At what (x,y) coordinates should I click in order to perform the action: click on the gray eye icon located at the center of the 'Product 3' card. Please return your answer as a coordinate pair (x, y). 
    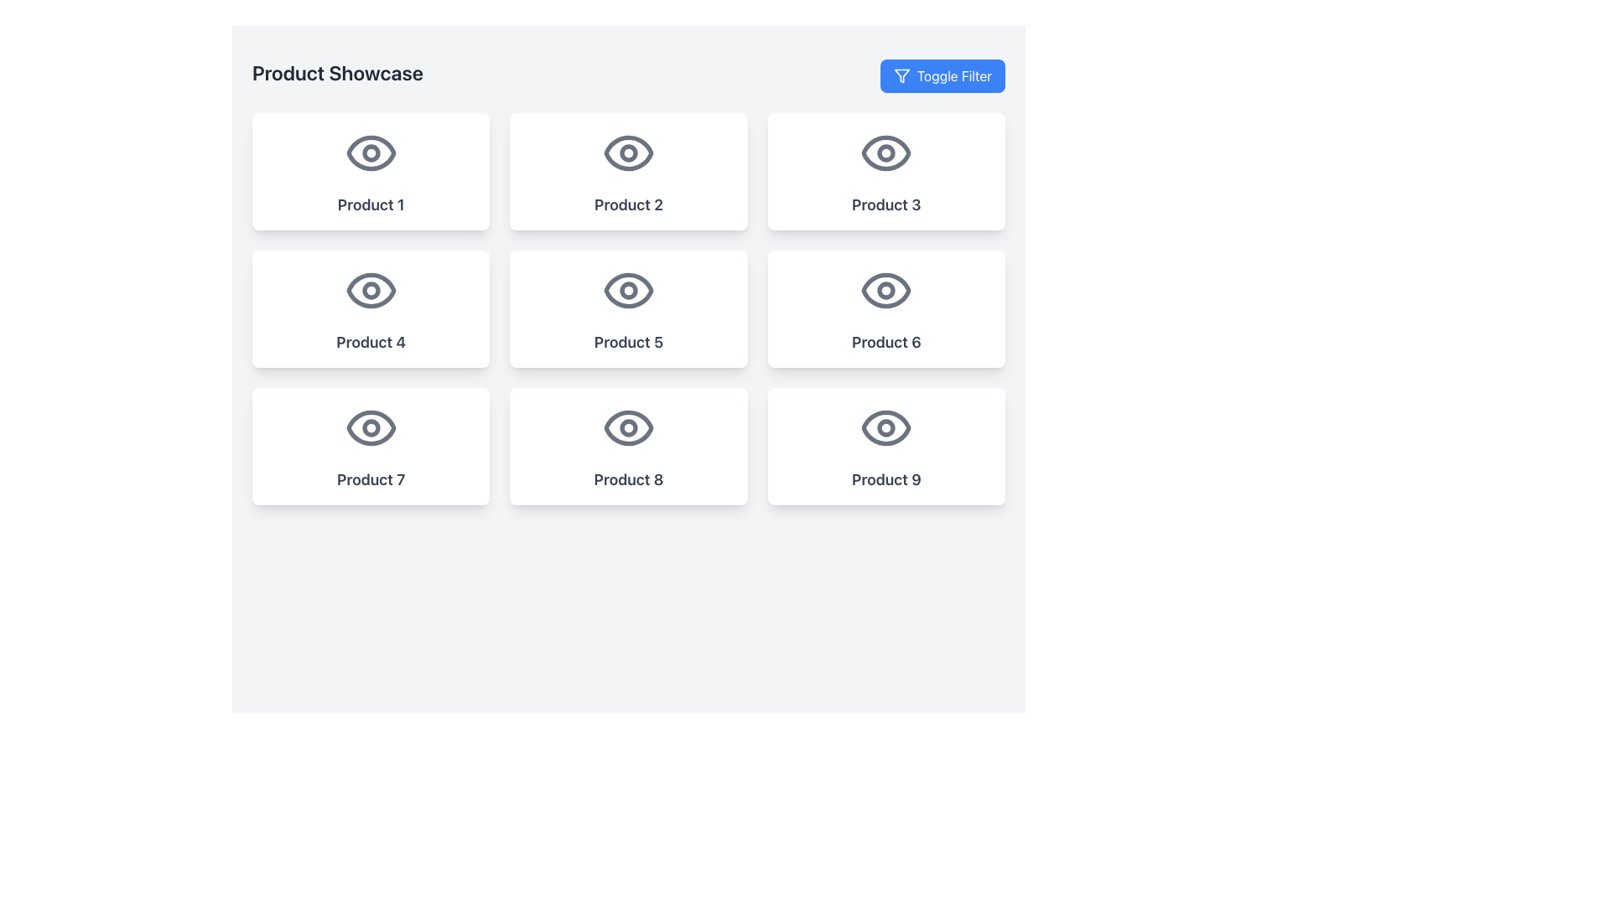
    Looking at the image, I should click on (885, 153).